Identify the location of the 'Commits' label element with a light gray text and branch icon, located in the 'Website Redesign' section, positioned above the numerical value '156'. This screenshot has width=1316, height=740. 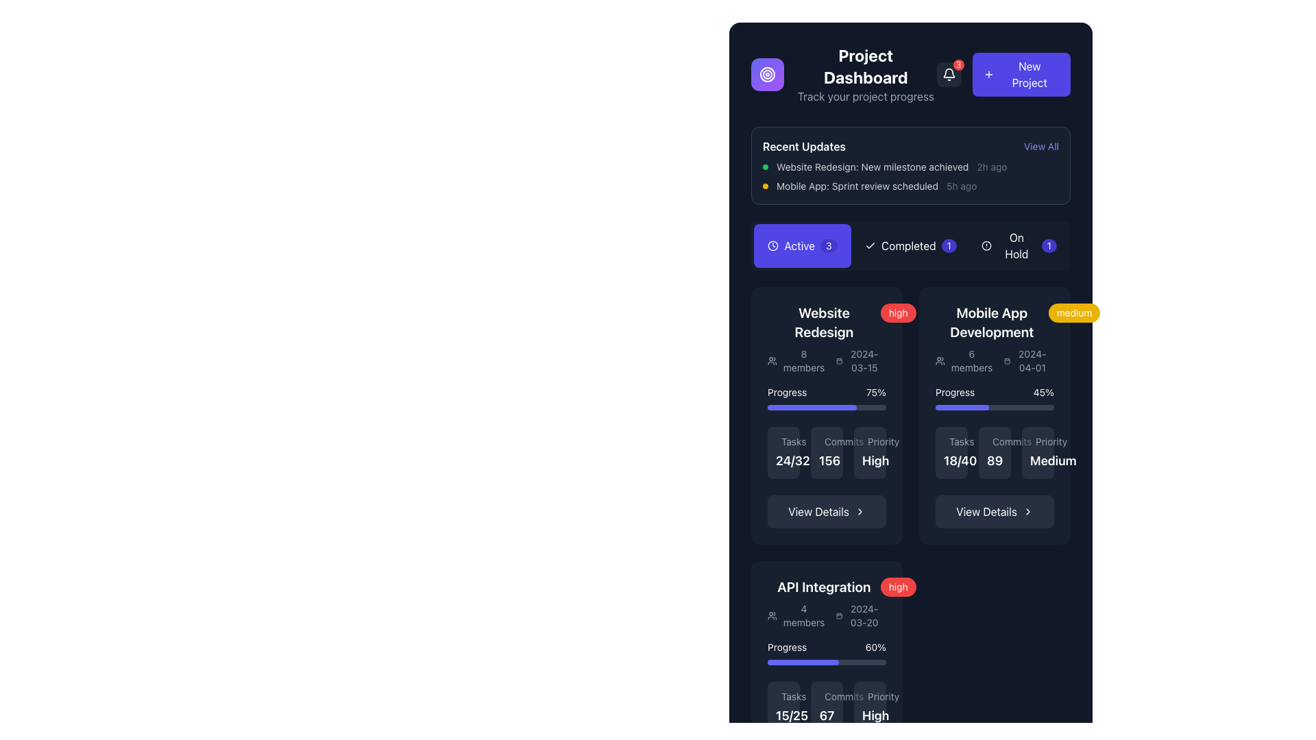
(826, 441).